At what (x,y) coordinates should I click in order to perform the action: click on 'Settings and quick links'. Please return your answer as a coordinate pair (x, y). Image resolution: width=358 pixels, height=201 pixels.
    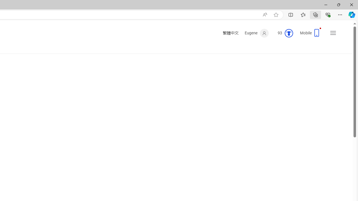
    Looking at the image, I should click on (333, 33).